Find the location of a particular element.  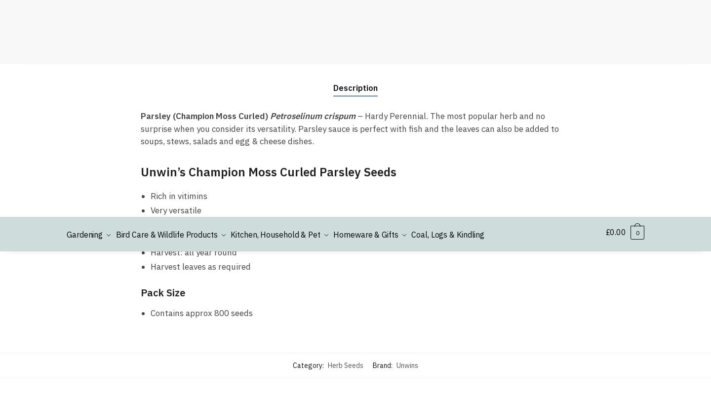

'Shrewsbury' is located at coordinates (66, 107).